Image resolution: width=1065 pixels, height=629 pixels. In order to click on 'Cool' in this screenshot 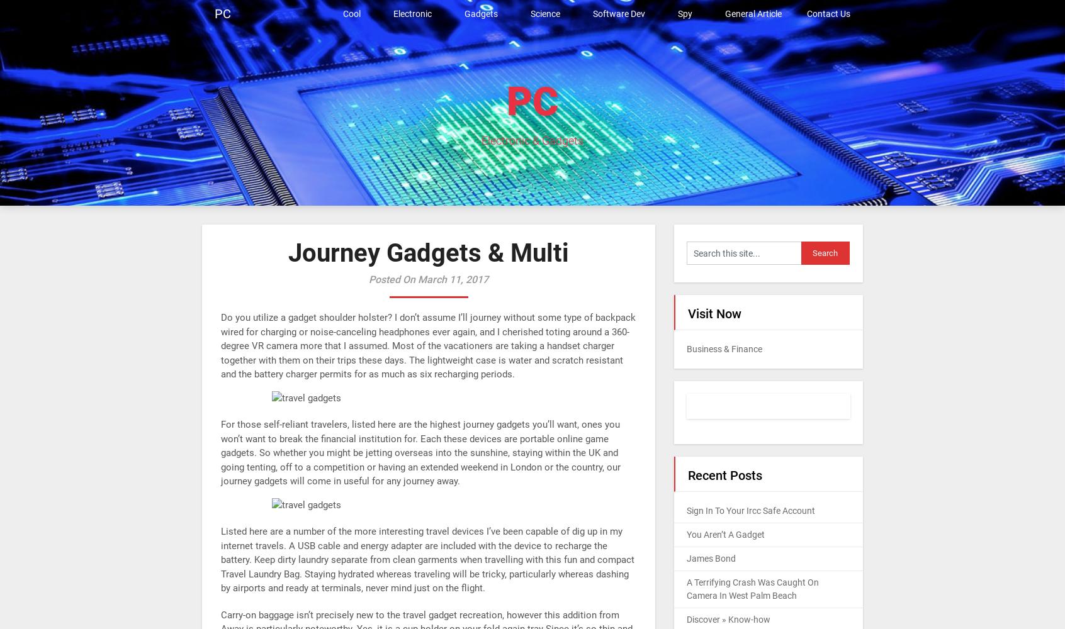, I will do `click(342, 14)`.